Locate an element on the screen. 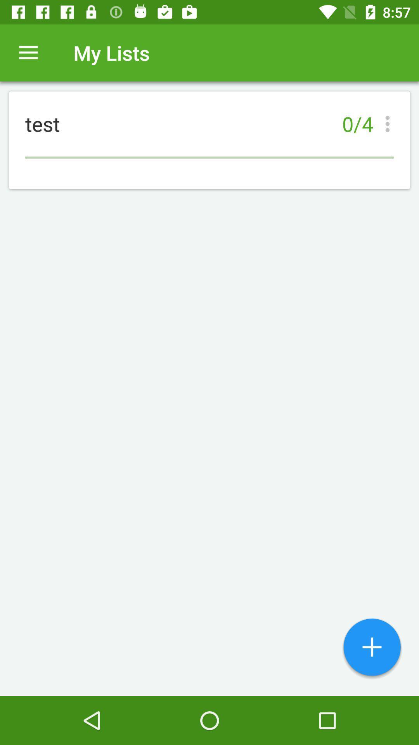 The image size is (419, 745). item next to the my lists icon is located at coordinates (28, 52).